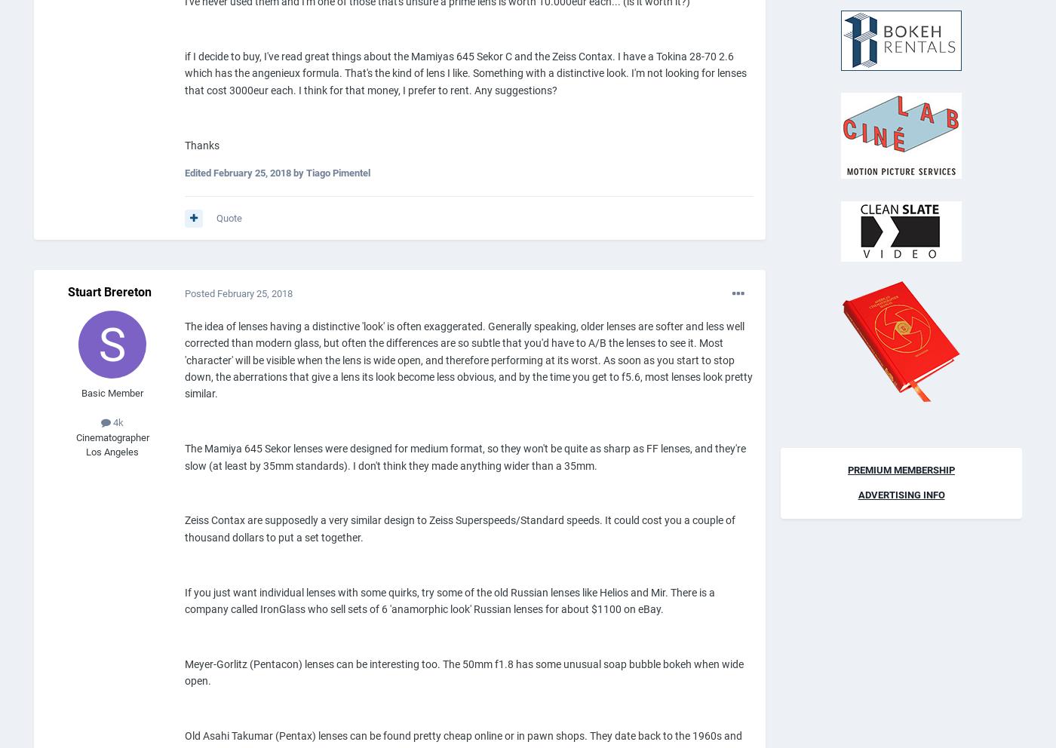 This screenshot has height=748, width=1056. Describe the element at coordinates (201, 293) in the screenshot. I see `'Posted'` at that location.